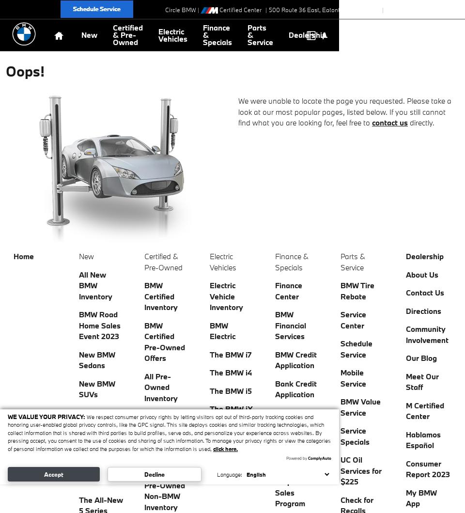 This screenshot has width=465, height=513. What do you see at coordinates (351, 10) in the screenshot?
I see `','` at bounding box center [351, 10].